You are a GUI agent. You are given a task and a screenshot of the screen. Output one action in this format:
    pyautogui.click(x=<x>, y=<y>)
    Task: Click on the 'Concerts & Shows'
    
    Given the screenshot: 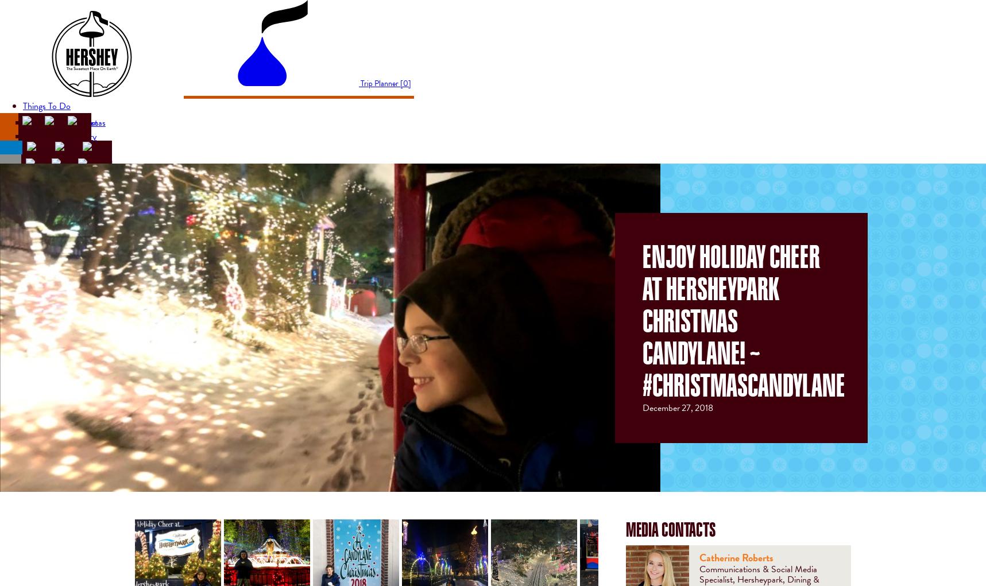 What is the action you would take?
    pyautogui.click(x=69, y=177)
    